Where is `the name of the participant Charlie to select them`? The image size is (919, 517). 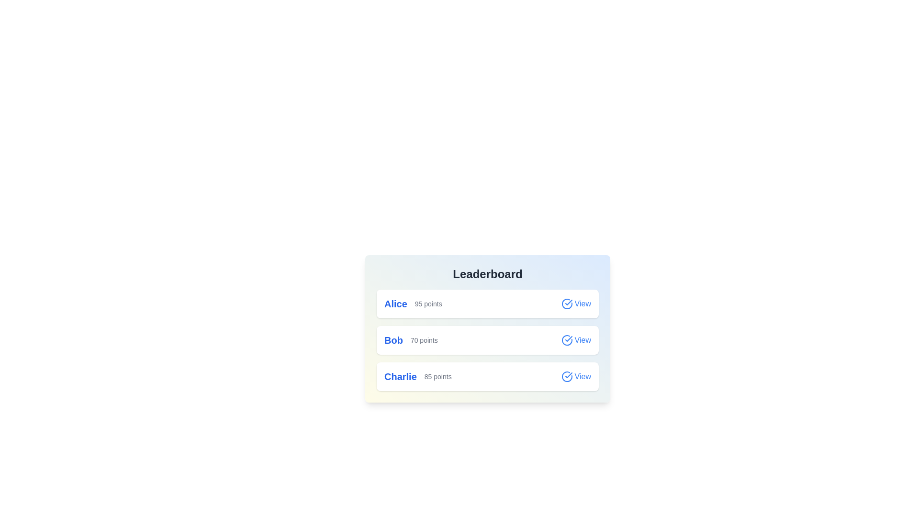
the name of the participant Charlie to select them is located at coordinates (400, 376).